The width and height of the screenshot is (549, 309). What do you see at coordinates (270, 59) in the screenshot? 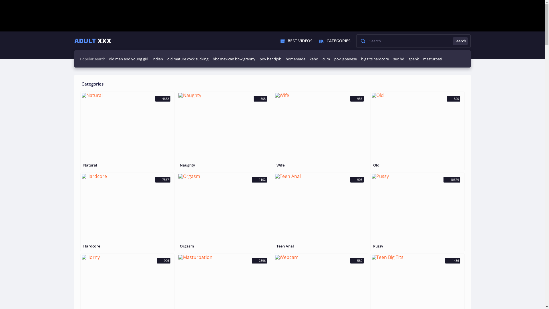
I see `'pov handjob'` at bounding box center [270, 59].